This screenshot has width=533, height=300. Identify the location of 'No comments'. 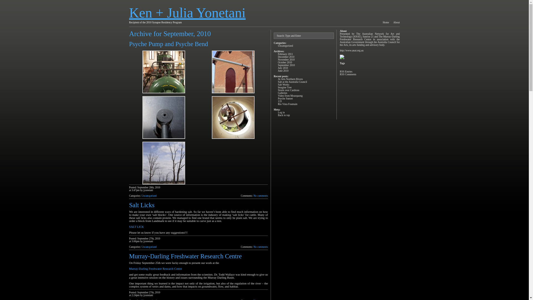
(260, 246).